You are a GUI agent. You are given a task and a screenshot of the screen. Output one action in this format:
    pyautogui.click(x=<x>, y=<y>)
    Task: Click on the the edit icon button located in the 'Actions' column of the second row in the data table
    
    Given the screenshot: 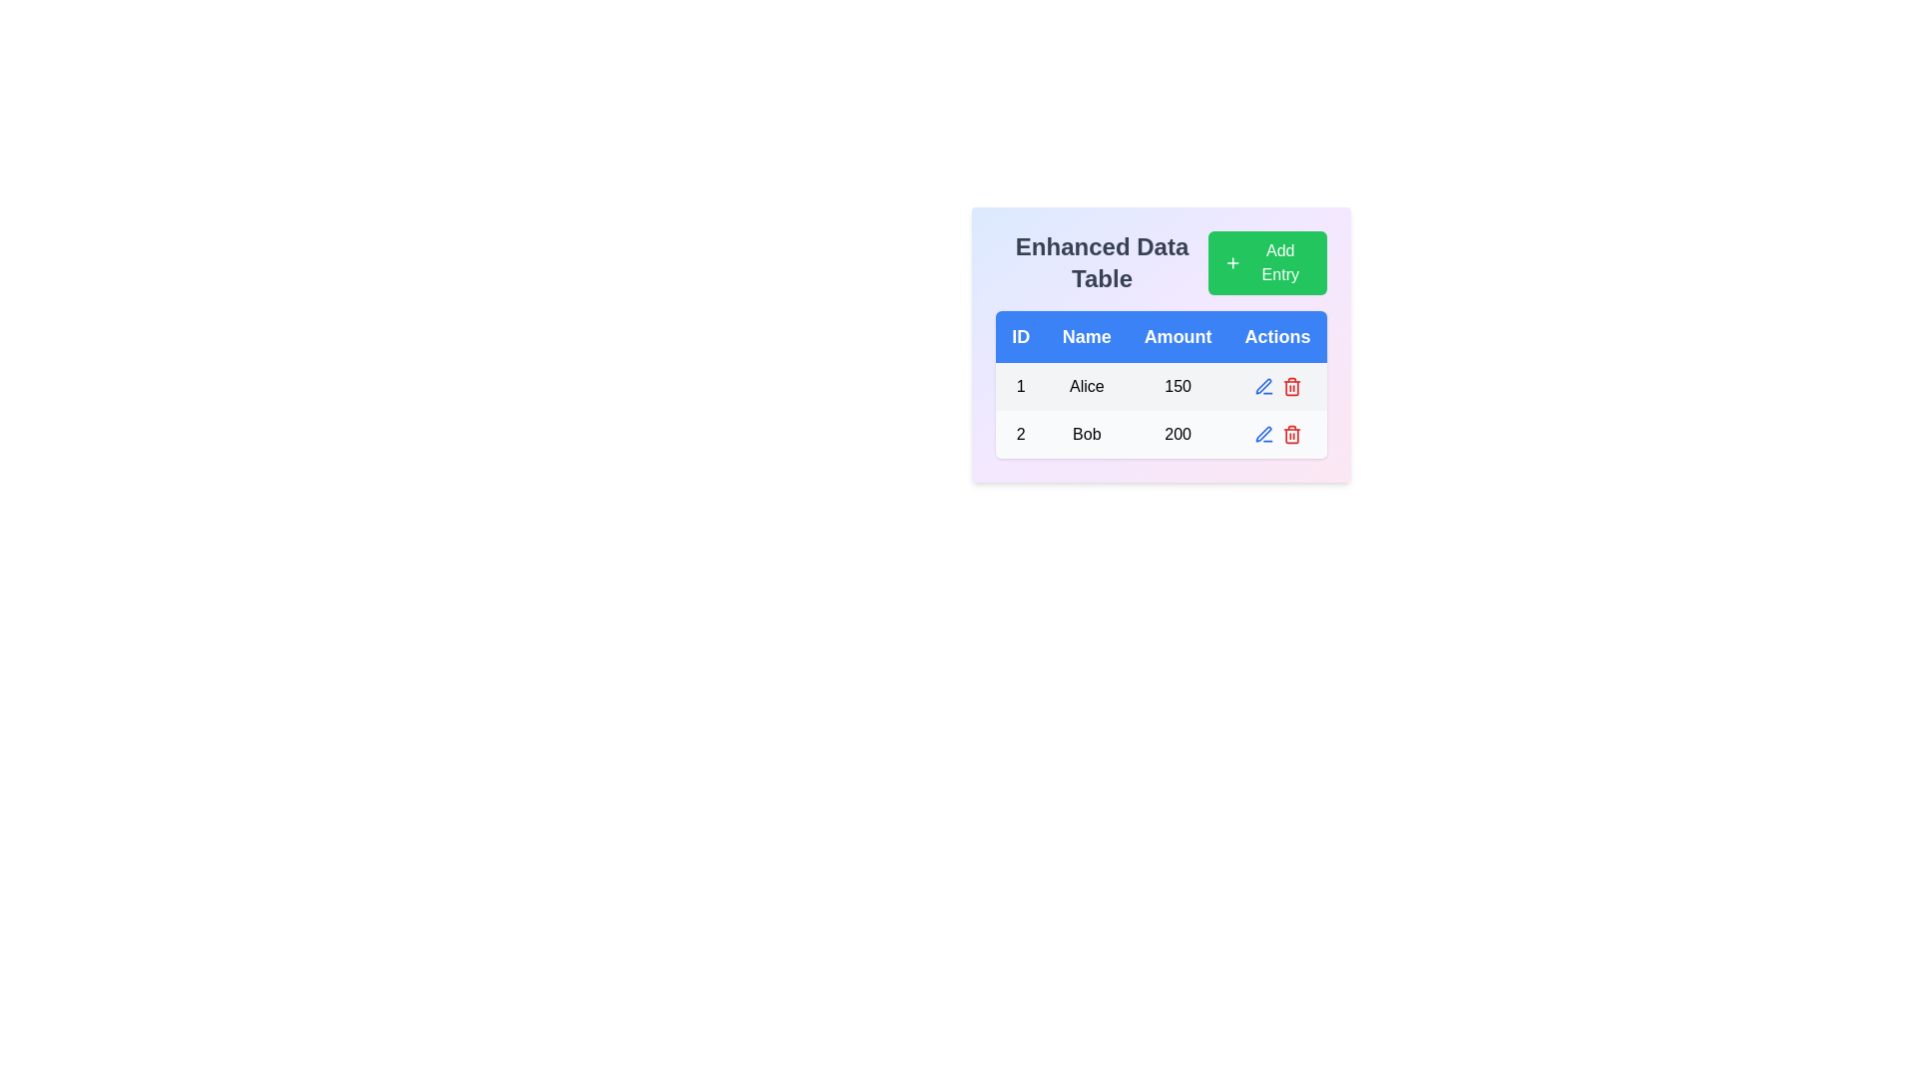 What is the action you would take?
    pyautogui.click(x=1262, y=387)
    